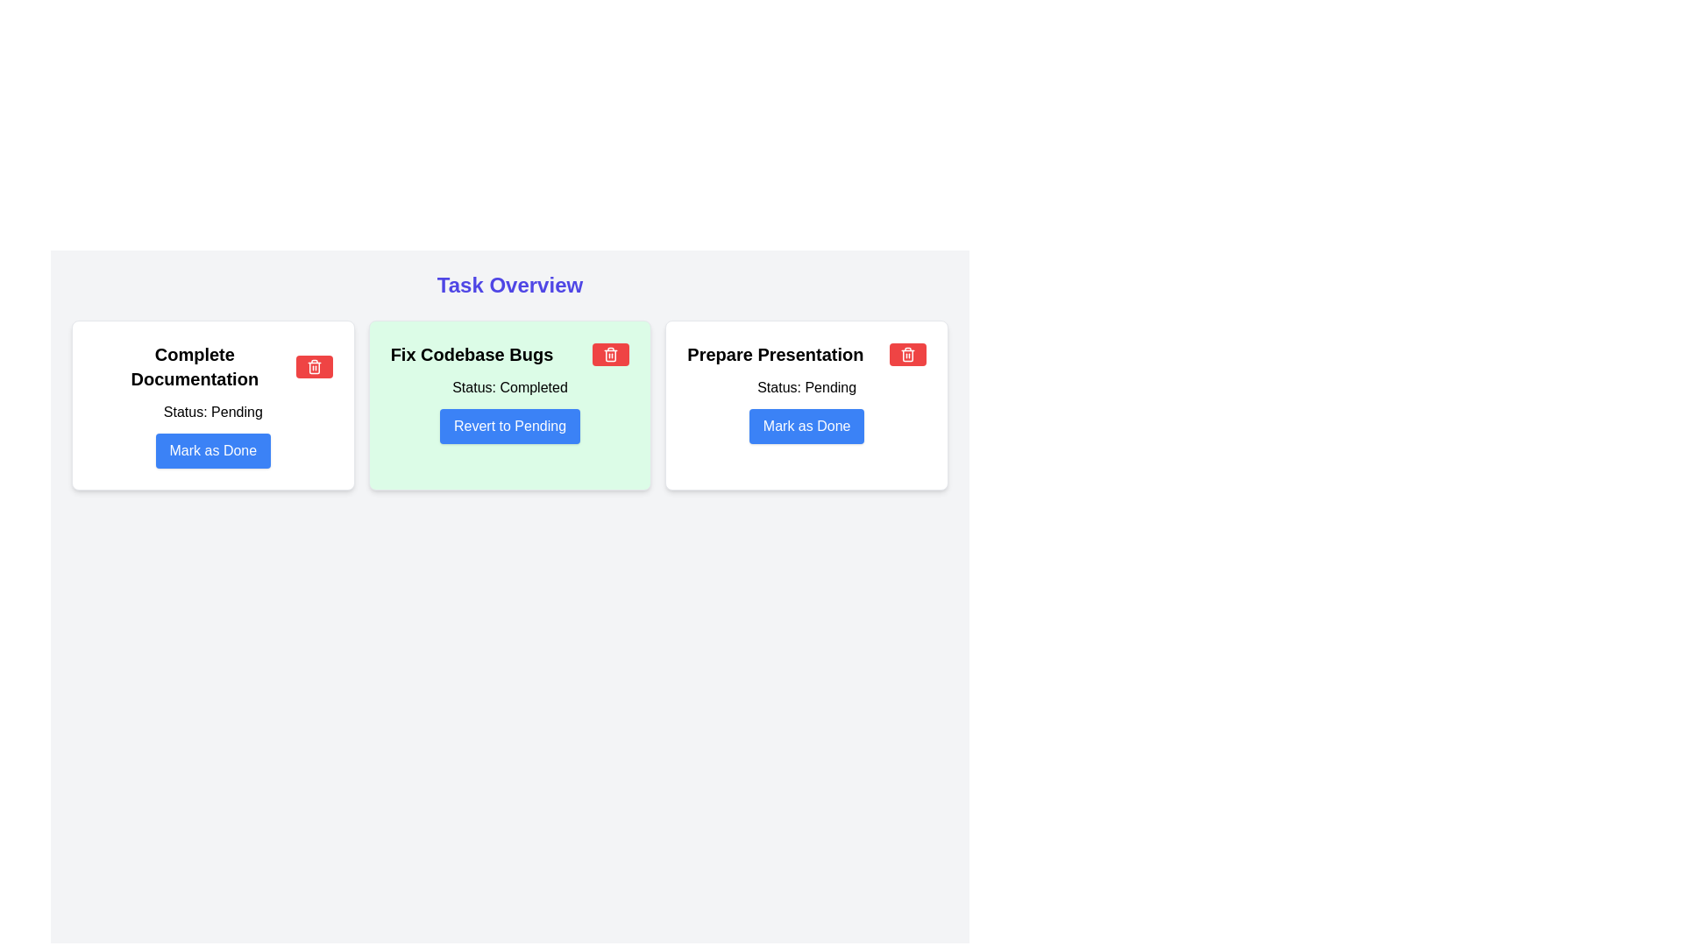 The image size is (1683, 946). I want to click on the 'Pending' text label indicating the current status of the associated task, located under the 'Complete Documentation' section, so click(236, 412).